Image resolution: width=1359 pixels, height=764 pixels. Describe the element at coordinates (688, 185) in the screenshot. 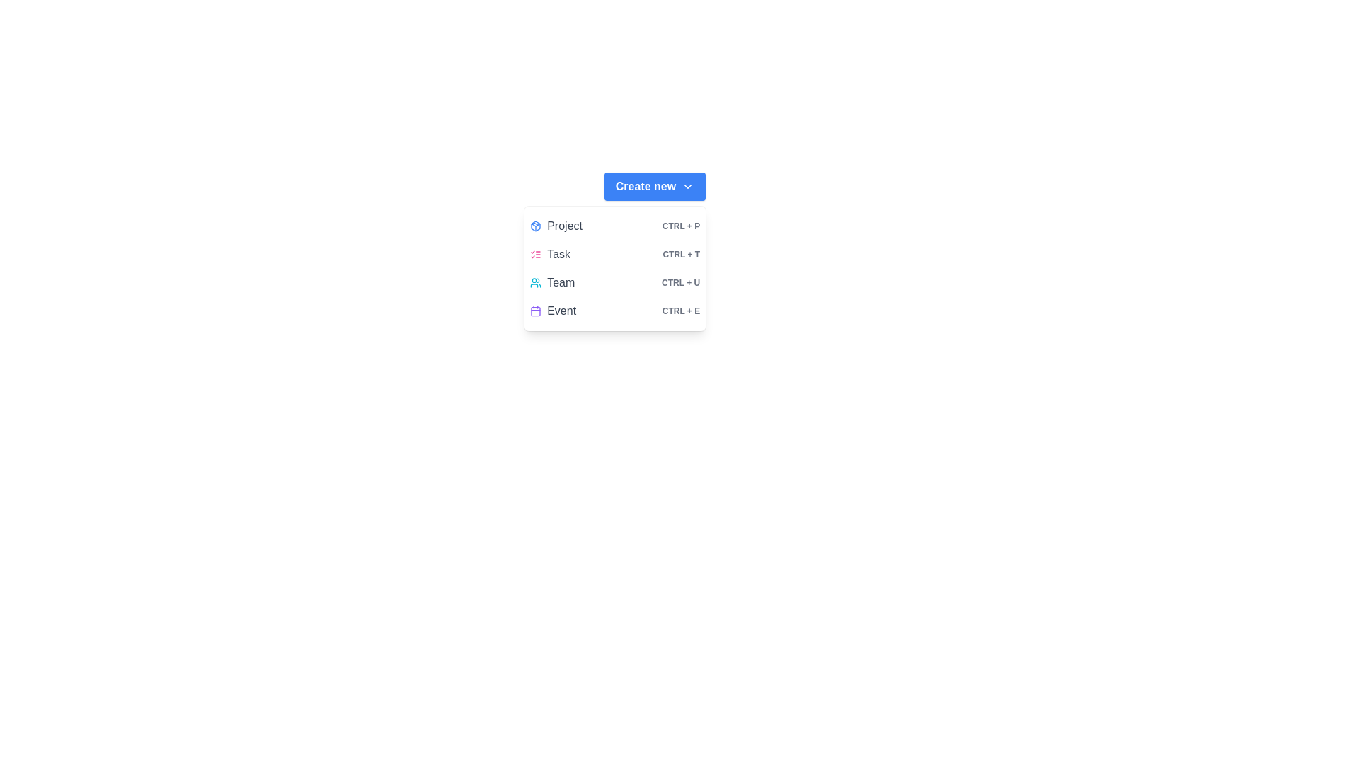

I see `the Dropdown indicator icon, which is the chevron located at the rightmost side of the 'Create new' button, to interact with its visual state` at that location.